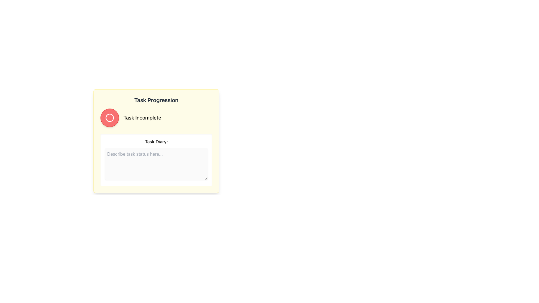 This screenshot has height=303, width=539. Describe the element at coordinates (142, 118) in the screenshot. I see `the text element displaying 'Task Incomplete', which is styled in a large, bold font and positioned to the right of a circular red icon in the task progress section` at that location.